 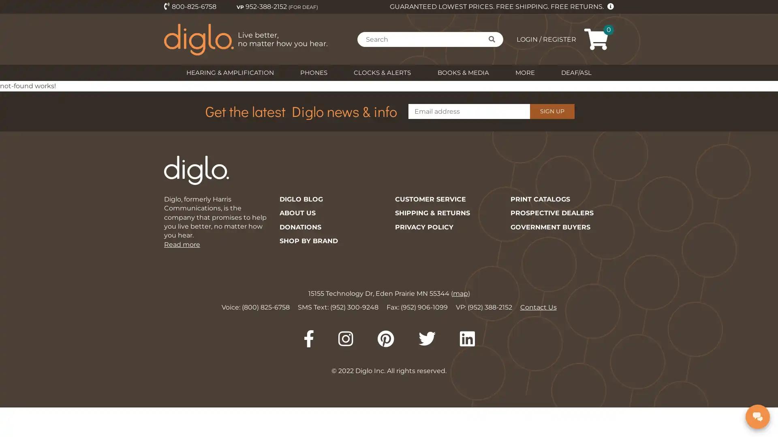 I want to click on SIGN UP, so click(x=551, y=111).